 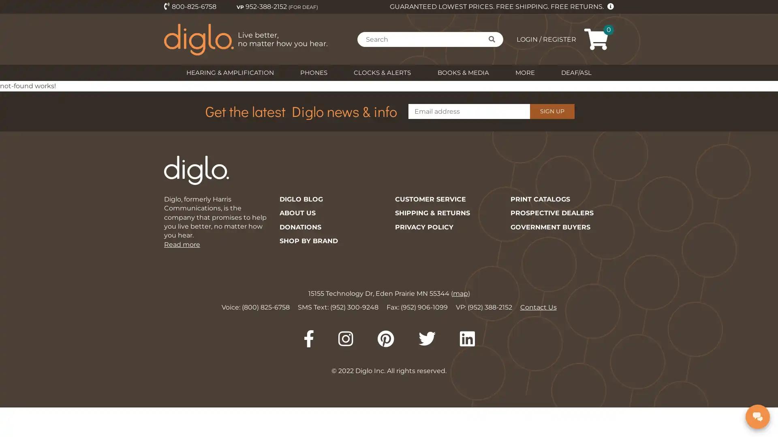 I want to click on SIGN UP, so click(x=551, y=111).